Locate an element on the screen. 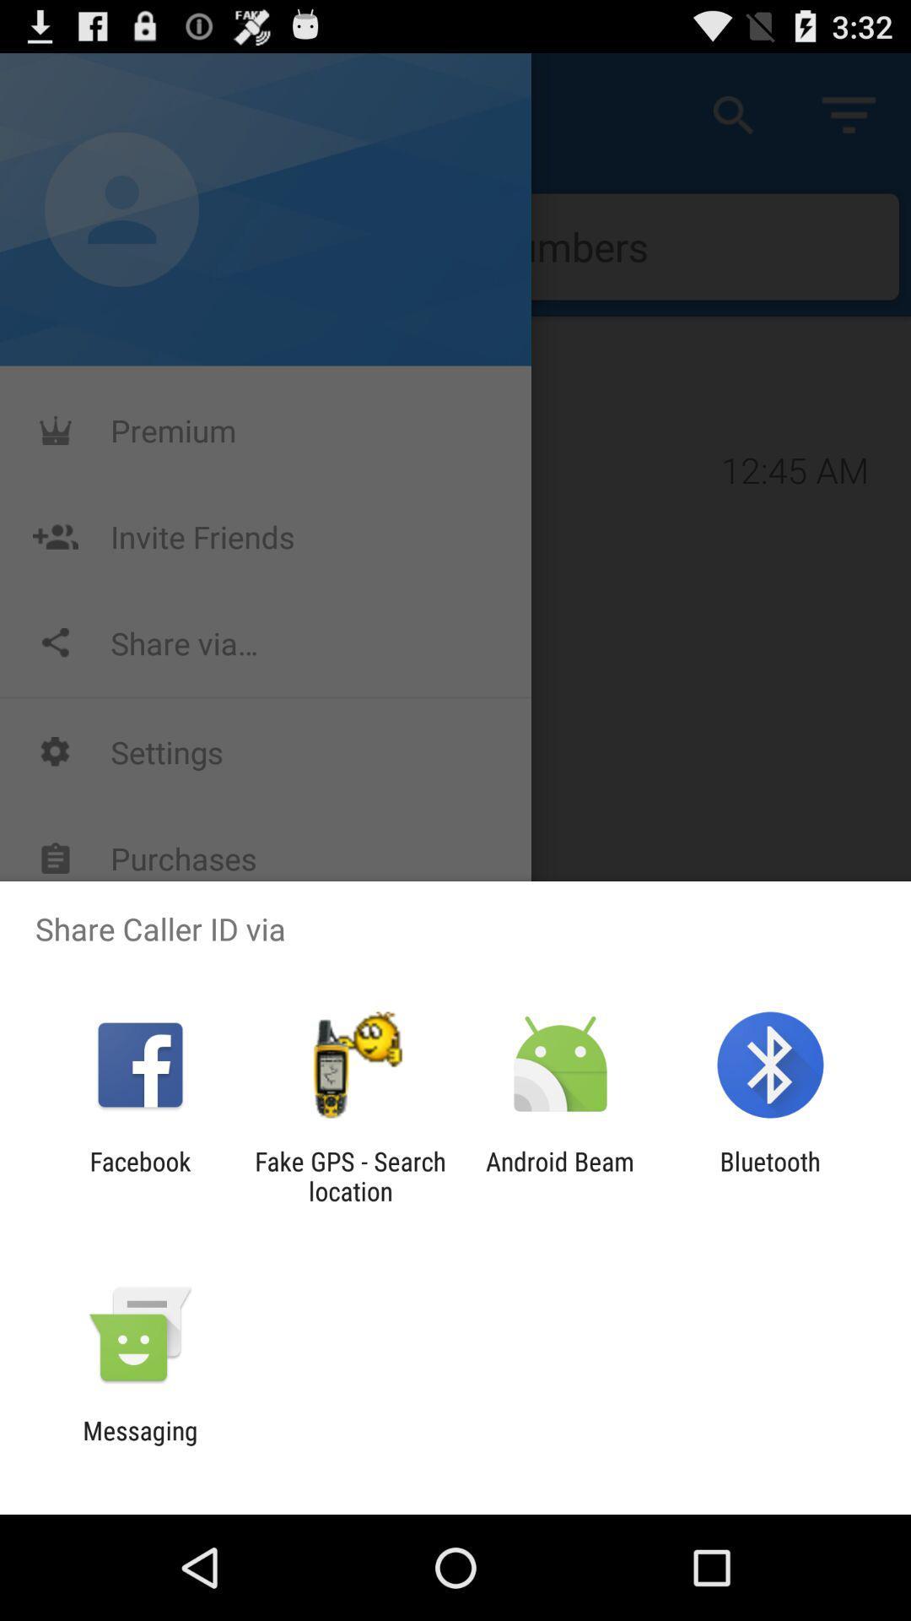 The image size is (911, 1621). the icon next to the facebook icon is located at coordinates (349, 1175).